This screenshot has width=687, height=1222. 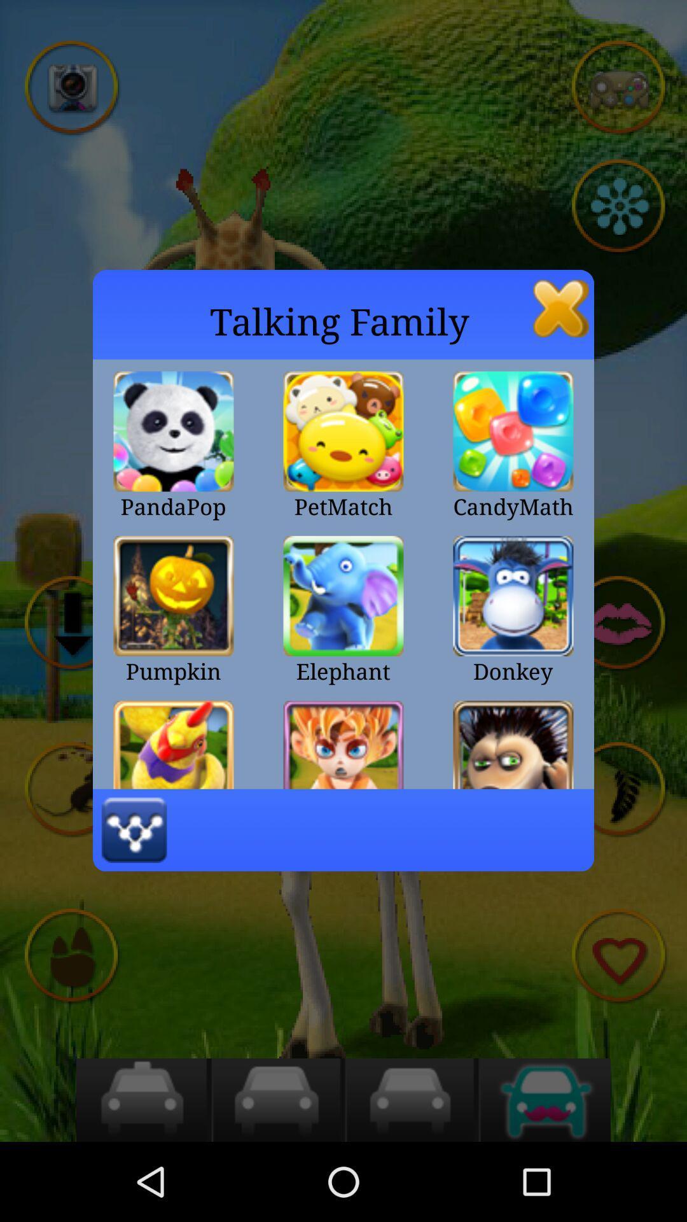 I want to click on exit, so click(x=560, y=308).